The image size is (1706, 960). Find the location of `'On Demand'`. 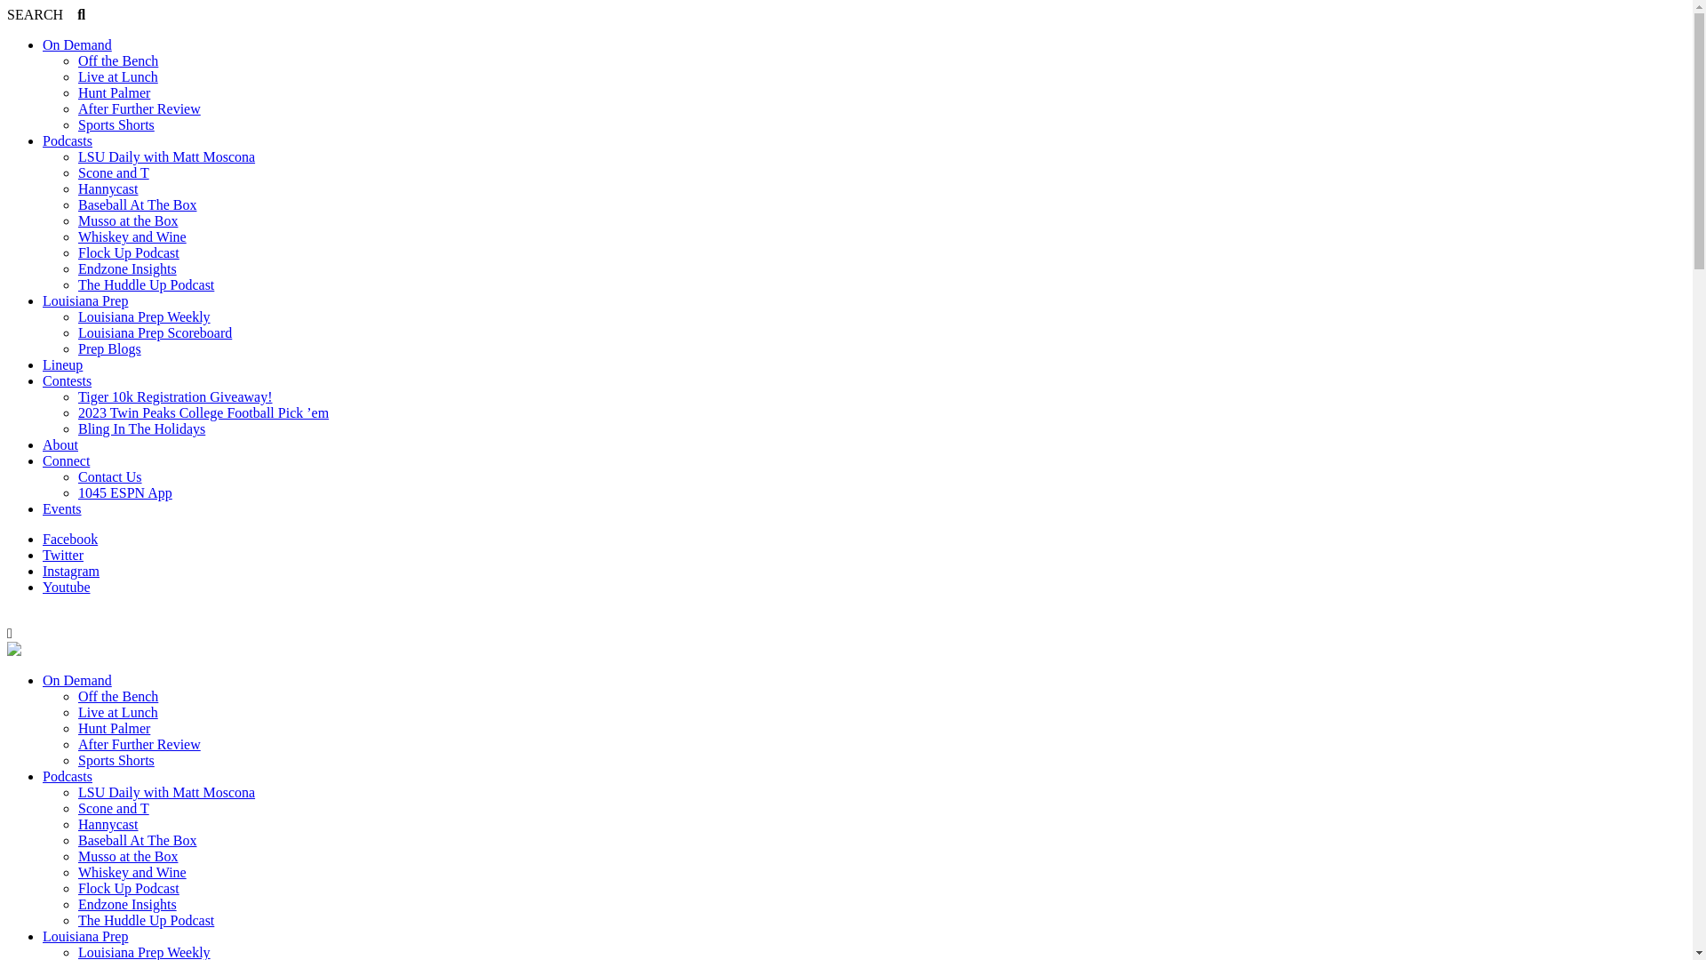

'On Demand' is located at coordinates (43, 680).